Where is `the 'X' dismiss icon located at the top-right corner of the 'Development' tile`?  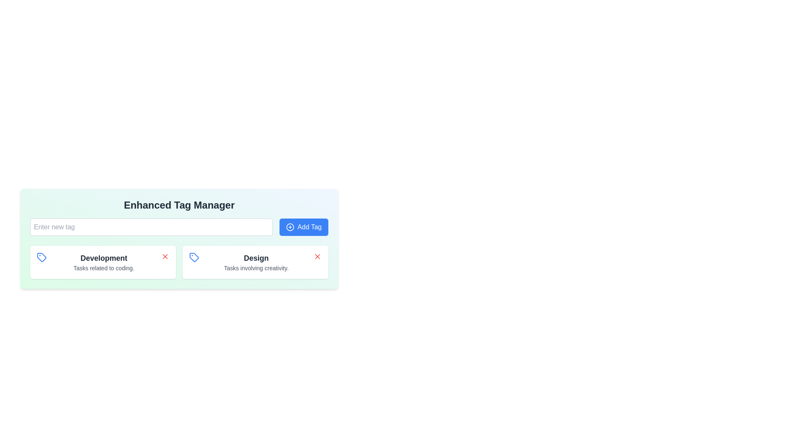 the 'X' dismiss icon located at the top-right corner of the 'Development' tile is located at coordinates (165, 256).